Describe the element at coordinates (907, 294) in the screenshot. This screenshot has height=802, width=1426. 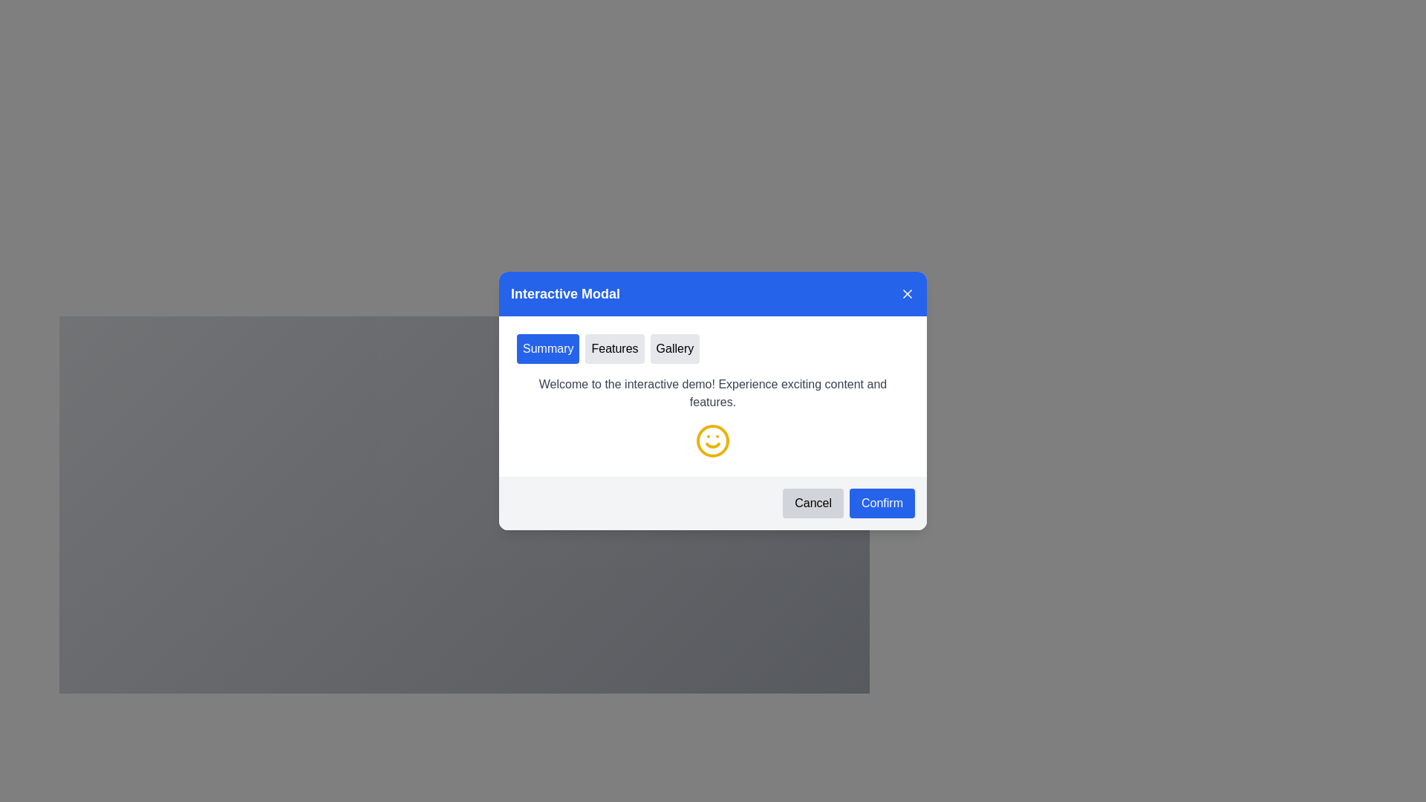
I see `the Close button represented by an 'X' icon in white on a blue background located at the top-right corner of the modal dialog` at that location.